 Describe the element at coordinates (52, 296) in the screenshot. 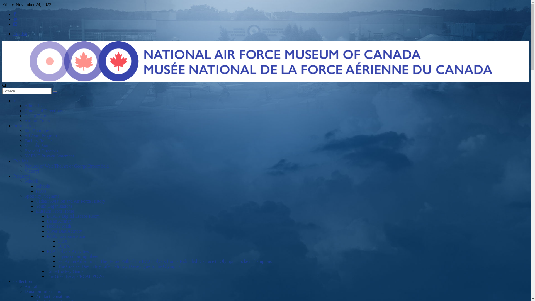

I see `'Artefact Donations'` at that location.